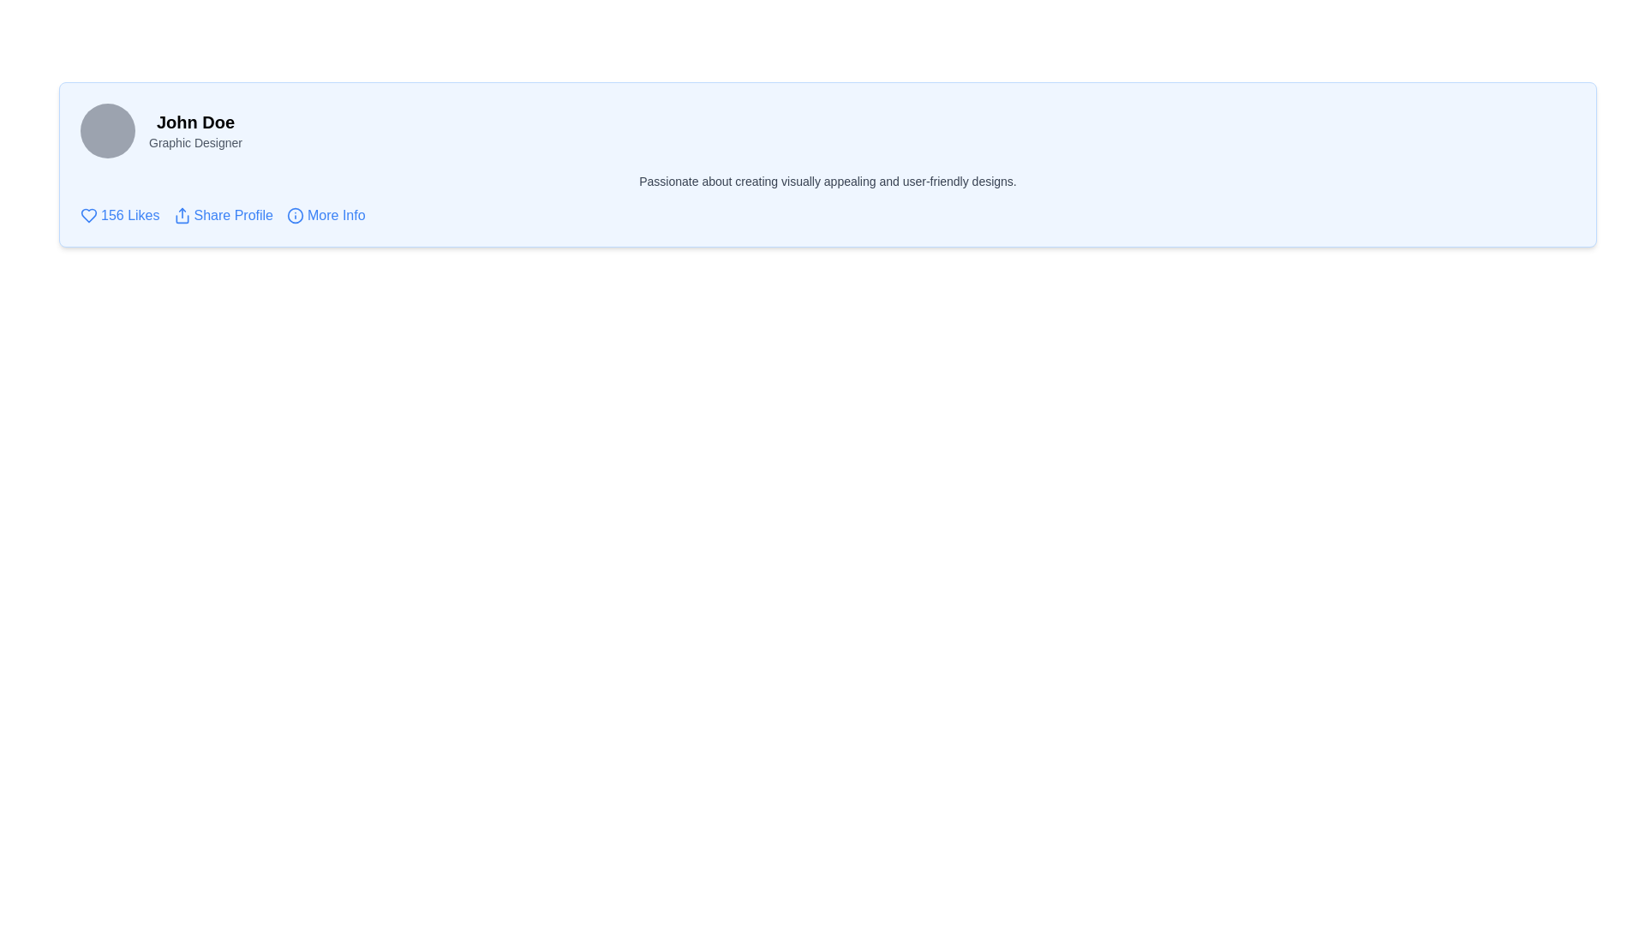 Image resolution: width=1645 pixels, height=925 pixels. Describe the element at coordinates (119, 214) in the screenshot. I see `the like count indicator button, which is the first item` at that location.